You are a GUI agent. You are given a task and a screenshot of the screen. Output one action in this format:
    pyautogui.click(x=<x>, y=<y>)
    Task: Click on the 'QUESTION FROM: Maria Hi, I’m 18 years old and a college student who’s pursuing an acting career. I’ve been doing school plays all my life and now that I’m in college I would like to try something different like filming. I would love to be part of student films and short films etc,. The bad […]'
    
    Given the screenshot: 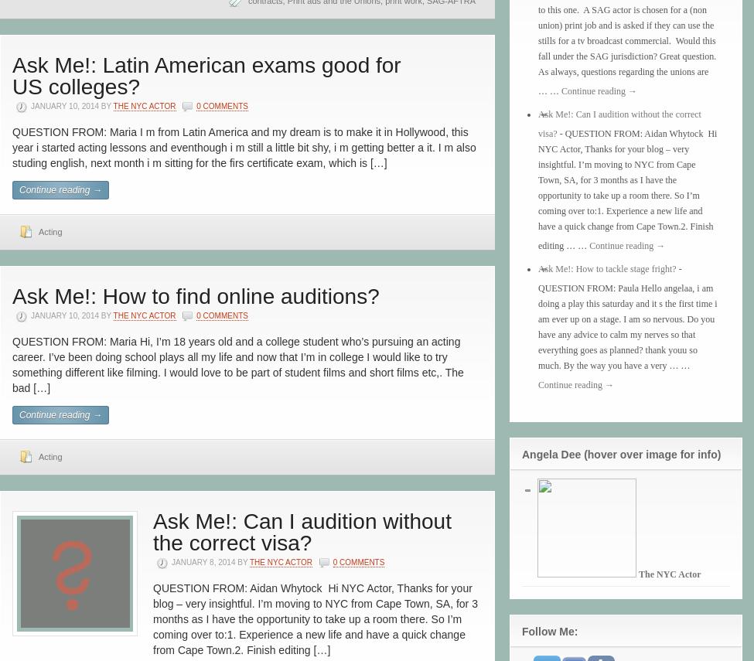 What is the action you would take?
    pyautogui.click(x=237, y=364)
    